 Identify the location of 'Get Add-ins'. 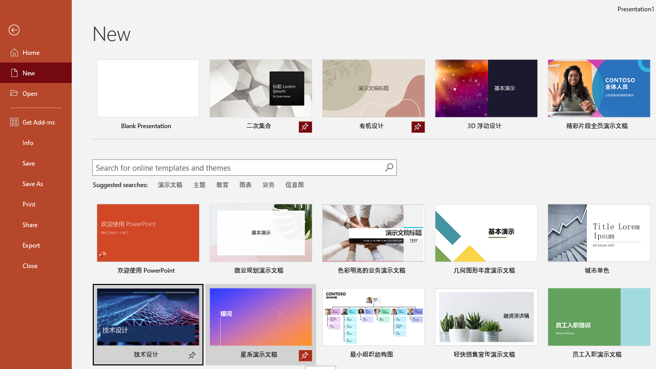
(35, 121).